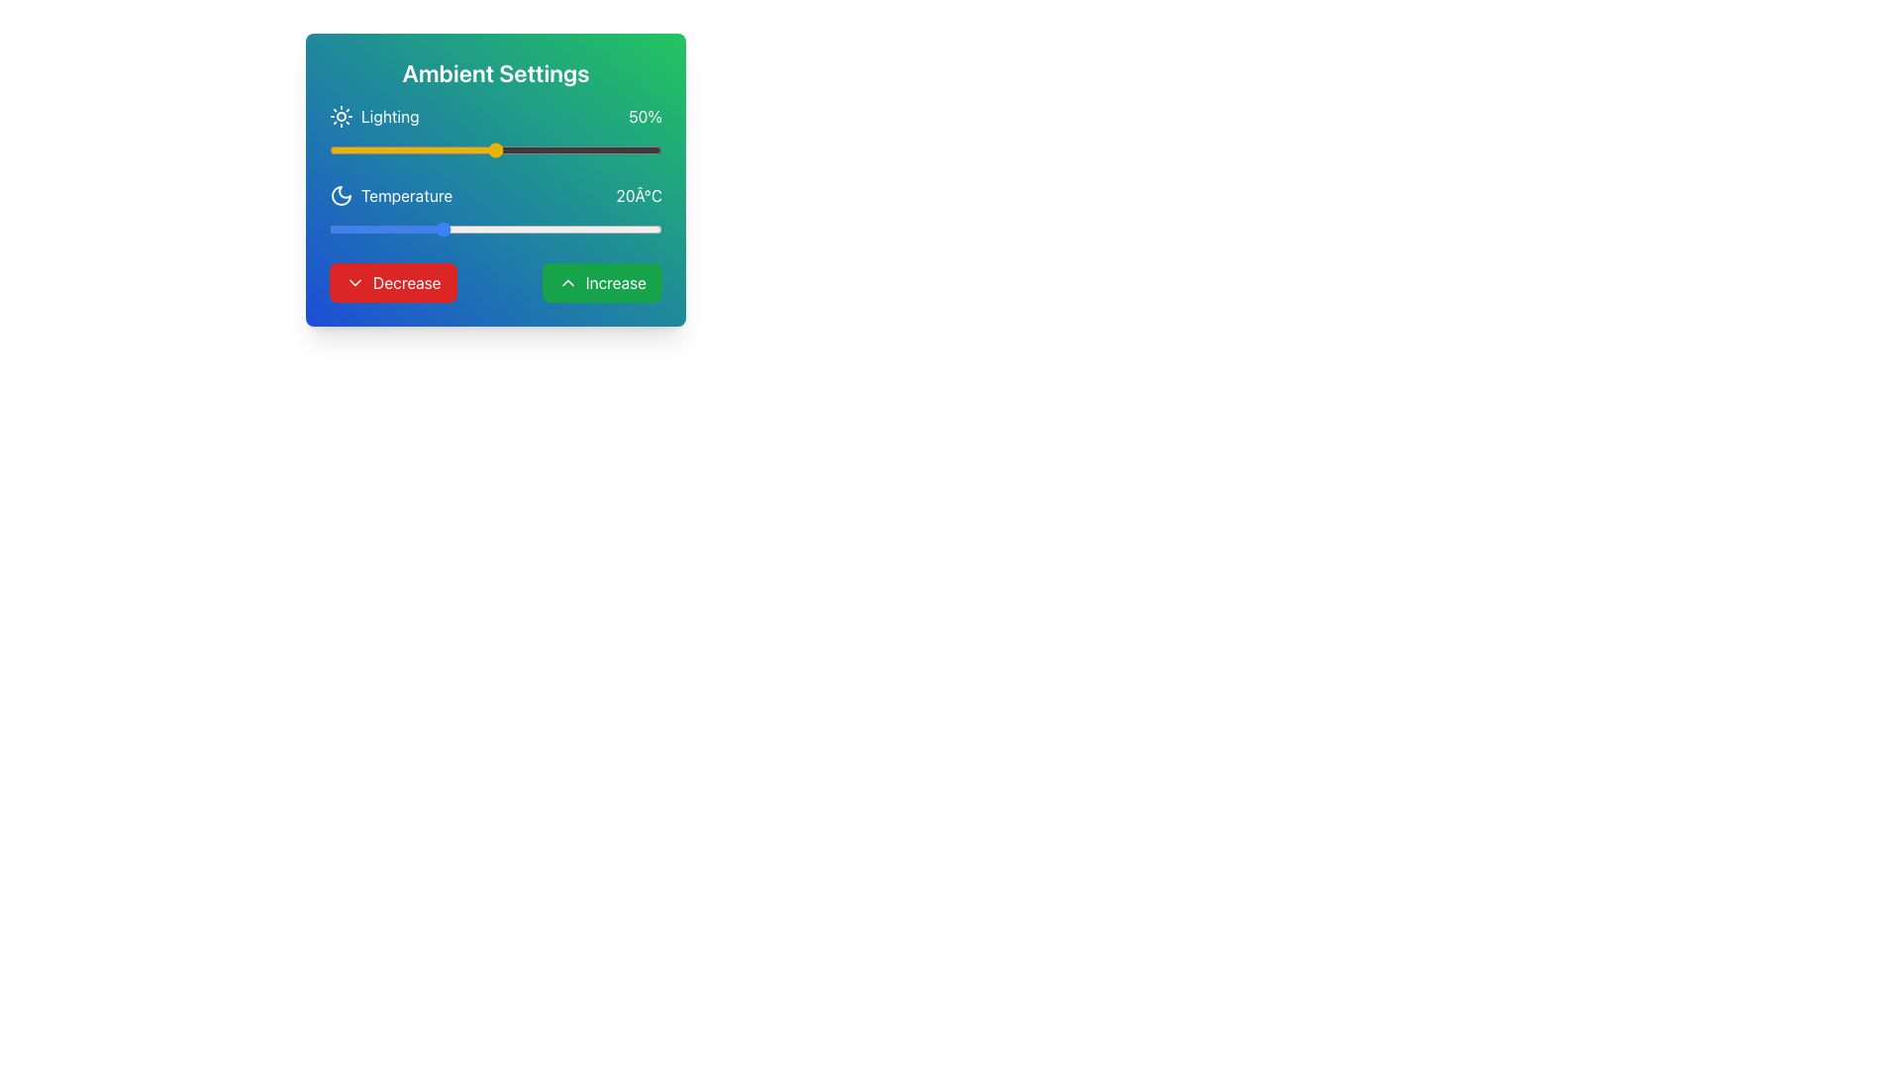 This screenshot has height=1069, width=1901. Describe the element at coordinates (346, 148) in the screenshot. I see `the lighting level` at that location.